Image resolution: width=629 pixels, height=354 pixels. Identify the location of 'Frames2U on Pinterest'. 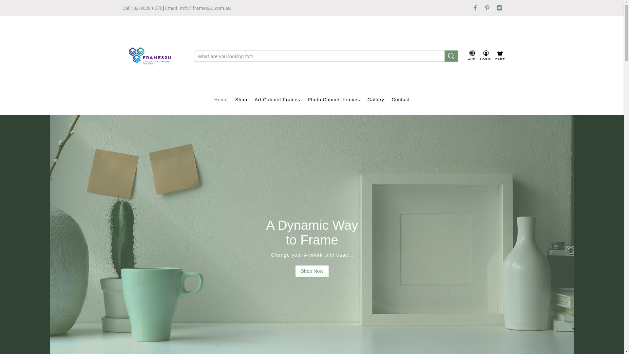
(487, 8).